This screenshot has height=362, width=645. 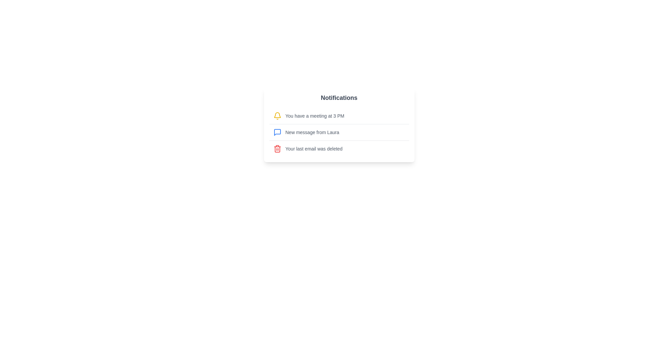 What do you see at coordinates (313, 148) in the screenshot?
I see `the text label stating 'Your last email was deleted', which is styled in small gray font and located under the red trash icon in the third notification message of the 'Notifications' section` at bounding box center [313, 148].